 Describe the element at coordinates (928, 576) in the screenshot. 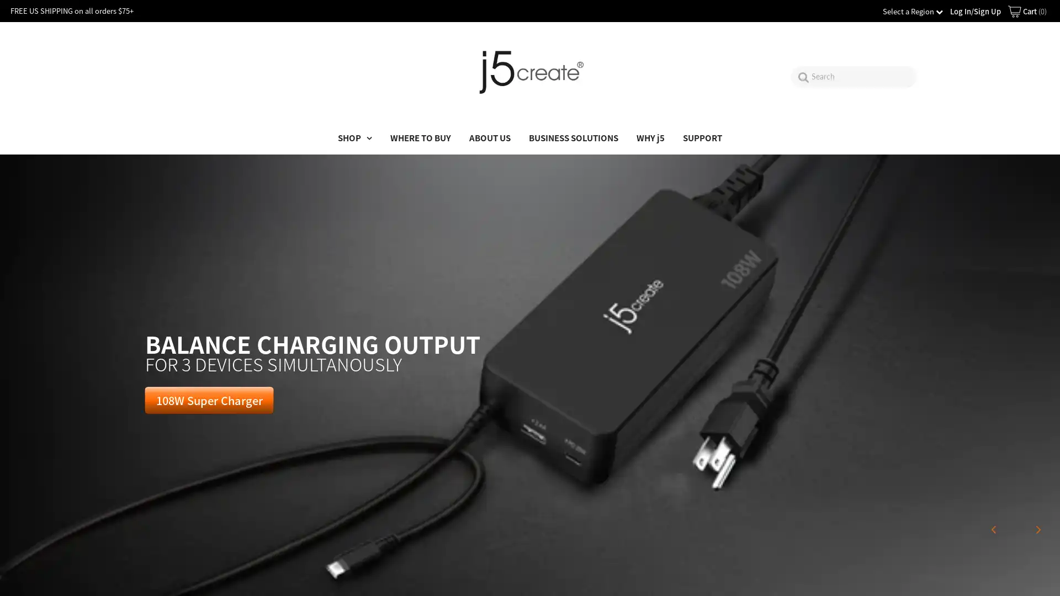

I see `Preferences` at that location.